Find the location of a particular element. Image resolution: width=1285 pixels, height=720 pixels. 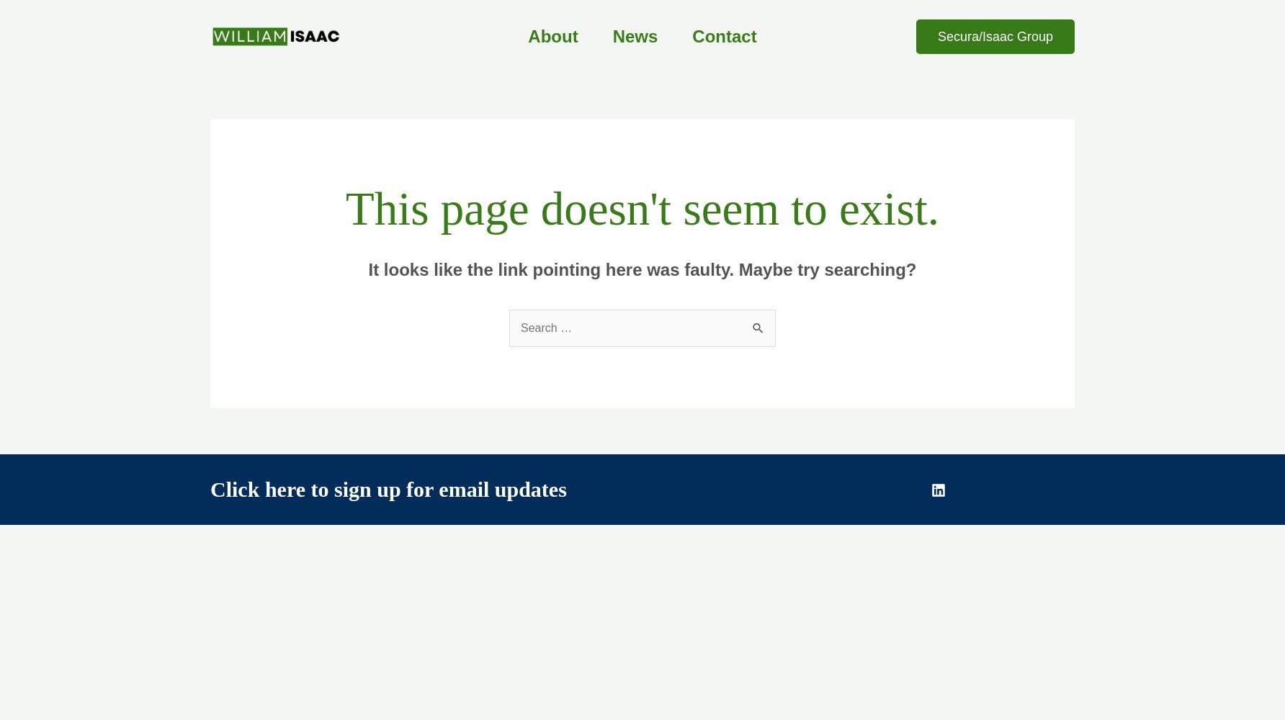

'News' is located at coordinates (634, 36).